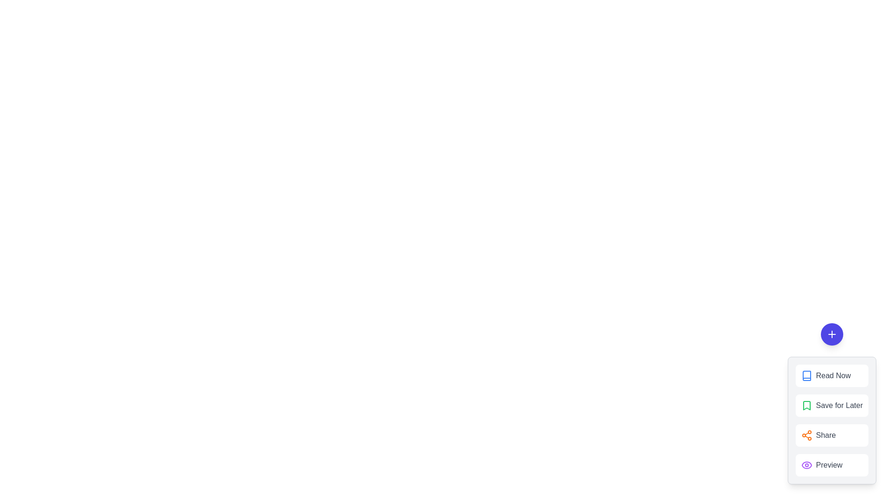 Image resolution: width=895 pixels, height=503 pixels. Describe the element at coordinates (832, 405) in the screenshot. I see `the 'Save for Later' button` at that location.